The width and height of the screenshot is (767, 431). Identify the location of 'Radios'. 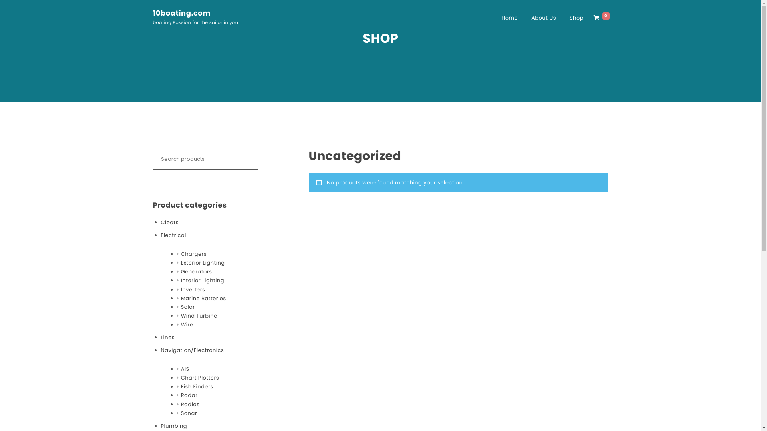
(190, 405).